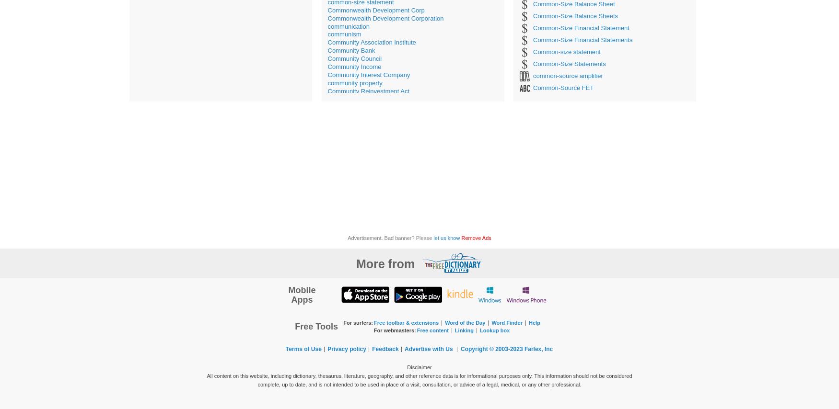 This screenshot has height=409, width=839. What do you see at coordinates (534, 322) in the screenshot?
I see `'Help'` at bounding box center [534, 322].